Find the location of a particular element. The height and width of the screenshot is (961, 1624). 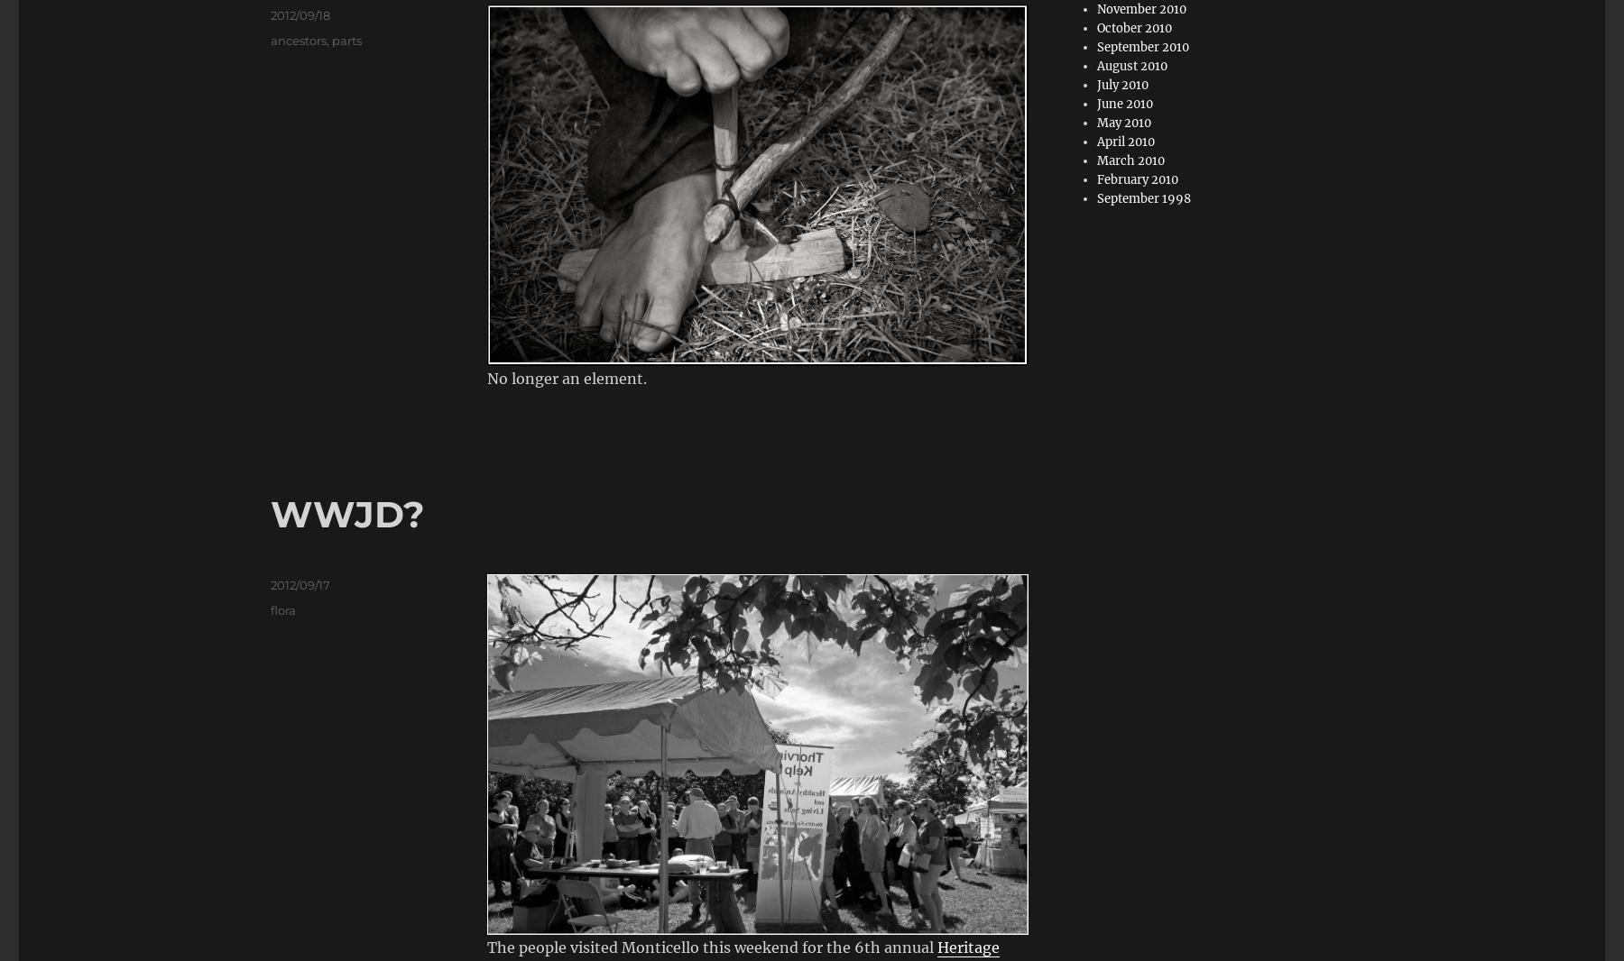

'March 2010' is located at coordinates (1130, 160).